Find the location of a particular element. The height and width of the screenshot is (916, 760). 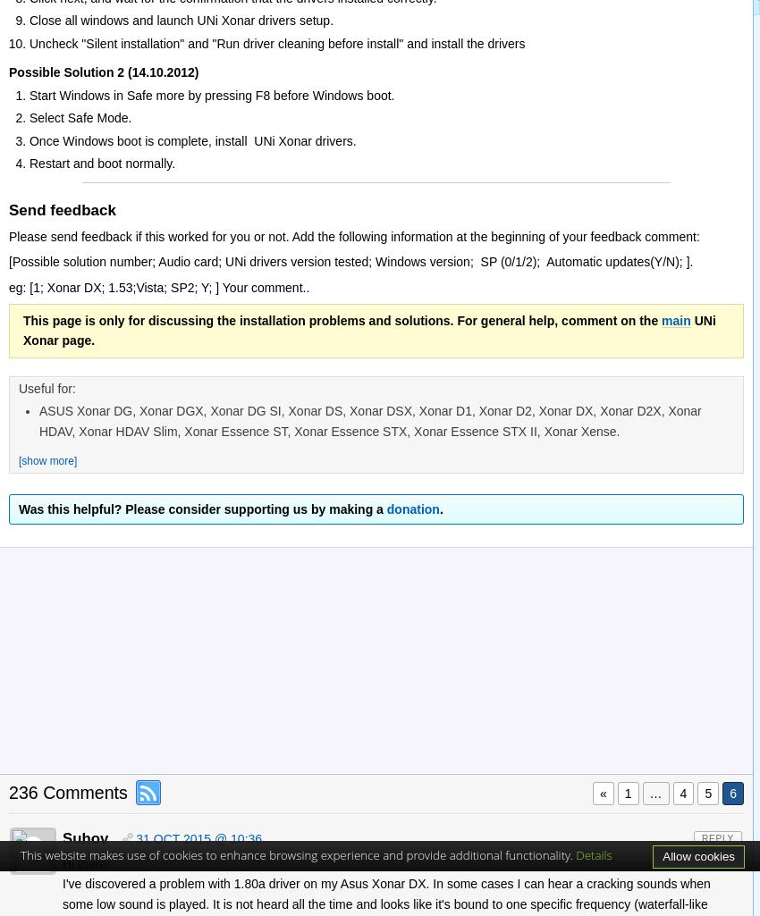

'Was this helpful? Please consider supporting us by making a' is located at coordinates (202, 509).